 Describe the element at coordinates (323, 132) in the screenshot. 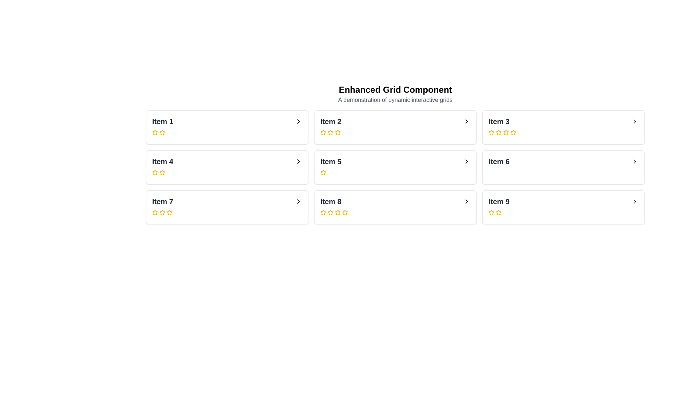

I see `the first star icon for ratings, which is a vibrant yellow star with a dark border, located below the text 'Item 2' in the second panel of the grid layout to rate it` at that location.